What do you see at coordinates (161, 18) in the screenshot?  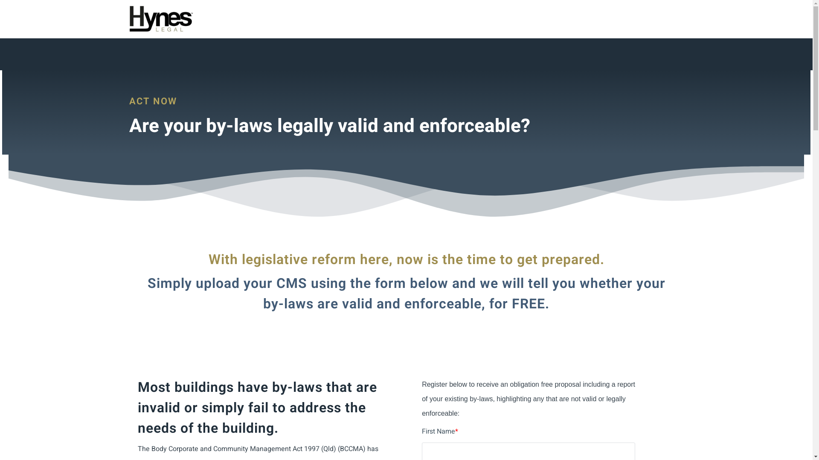 I see `'Logo'` at bounding box center [161, 18].